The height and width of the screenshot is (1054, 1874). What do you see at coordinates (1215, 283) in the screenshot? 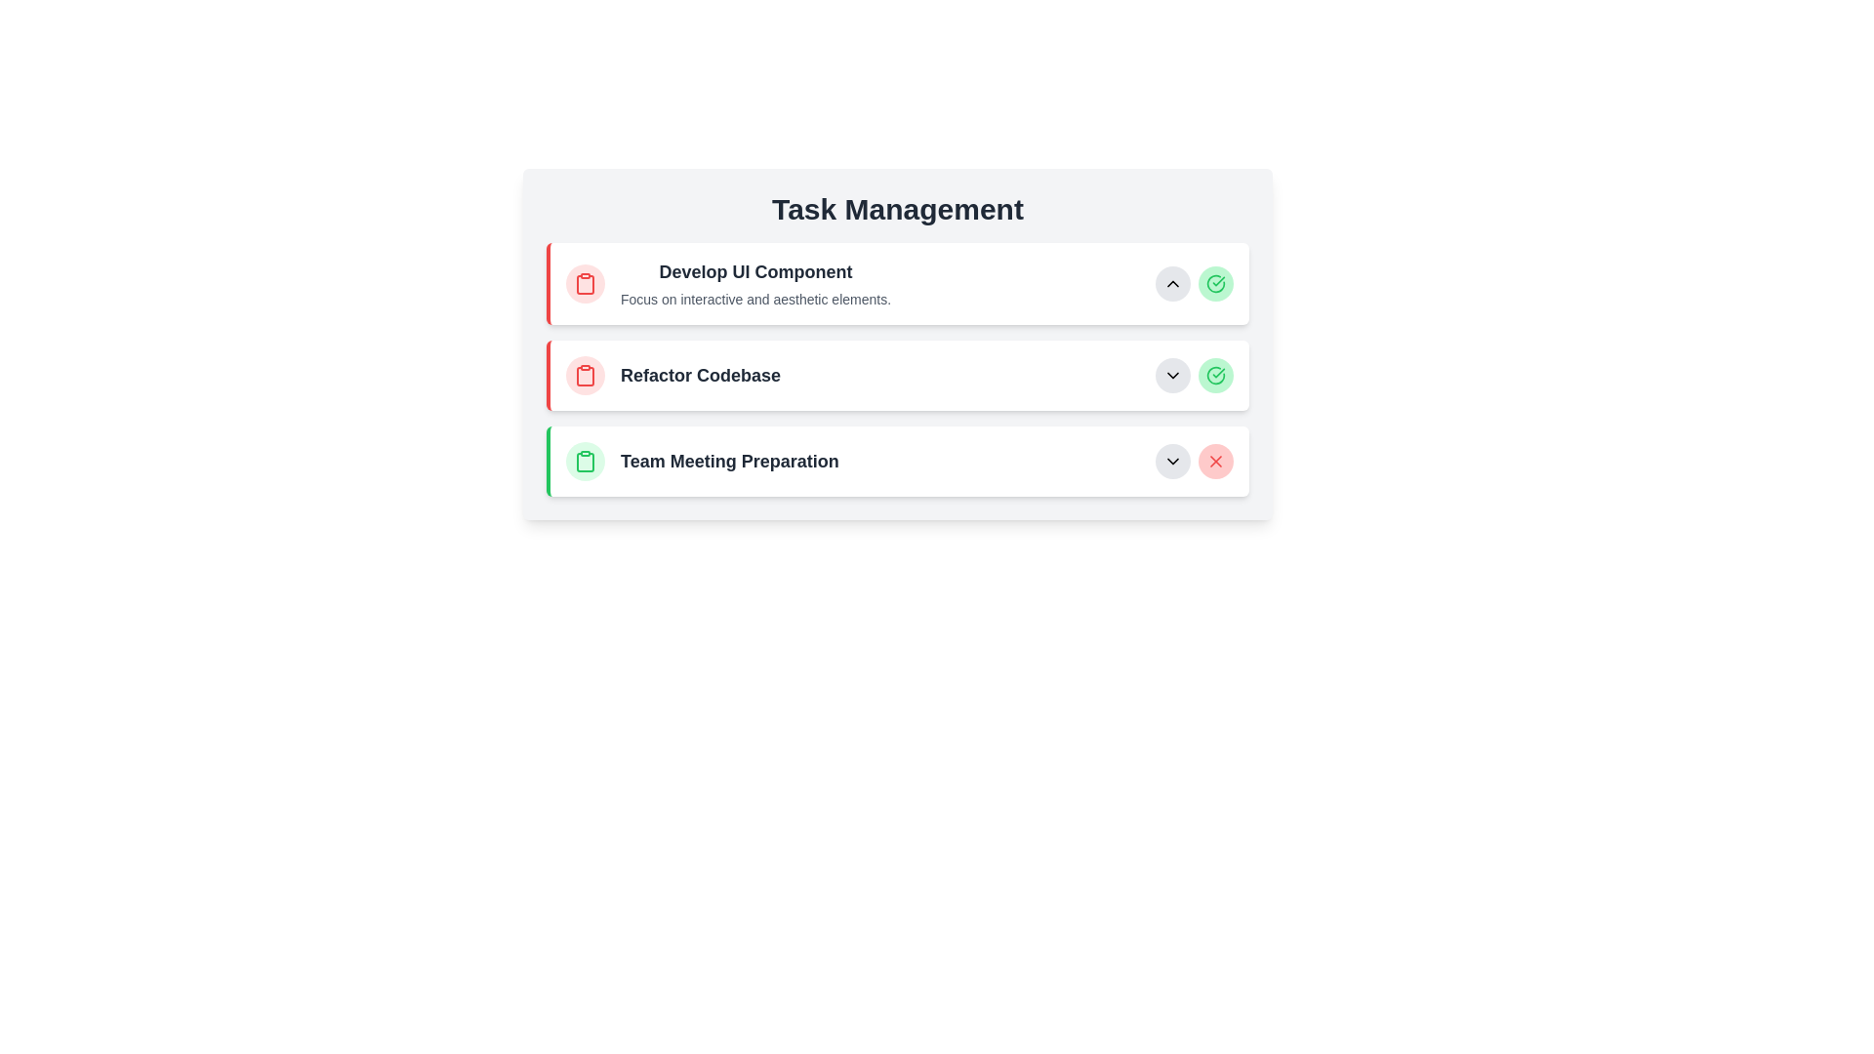
I see `the success indicator icon located in the top-right corner of the first task panel under 'Task Management', adjacent to the down-chevron button for the task 'Develop UI Component'` at bounding box center [1215, 283].